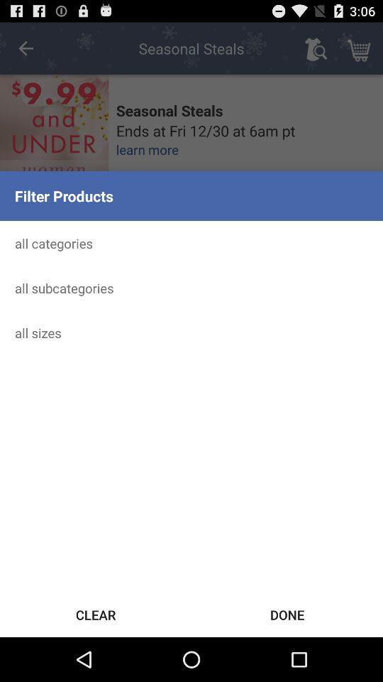  I want to click on icon below the all sizes, so click(96, 614).